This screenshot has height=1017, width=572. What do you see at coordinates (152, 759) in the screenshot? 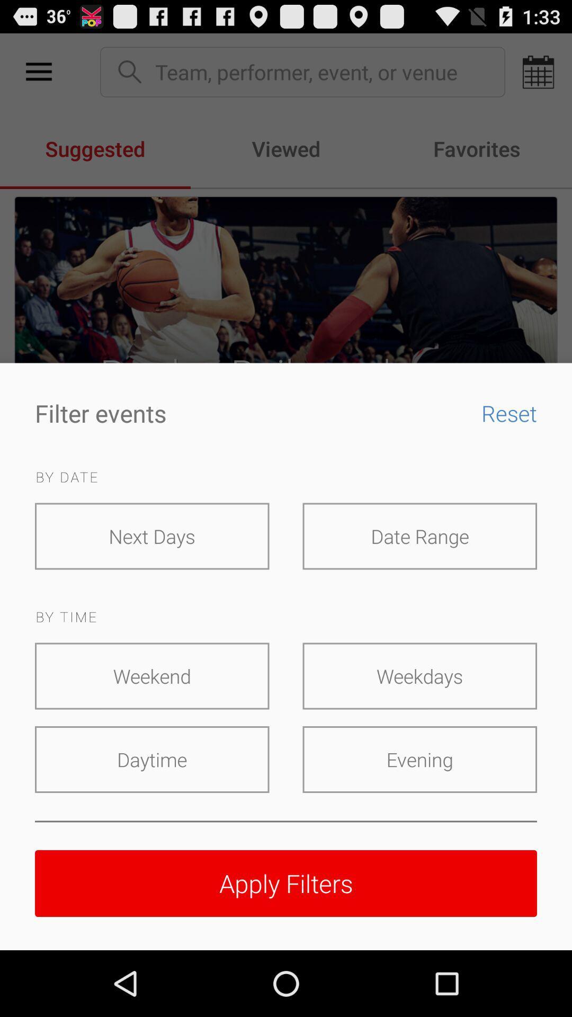
I see `icon at the bottom left corner` at bounding box center [152, 759].